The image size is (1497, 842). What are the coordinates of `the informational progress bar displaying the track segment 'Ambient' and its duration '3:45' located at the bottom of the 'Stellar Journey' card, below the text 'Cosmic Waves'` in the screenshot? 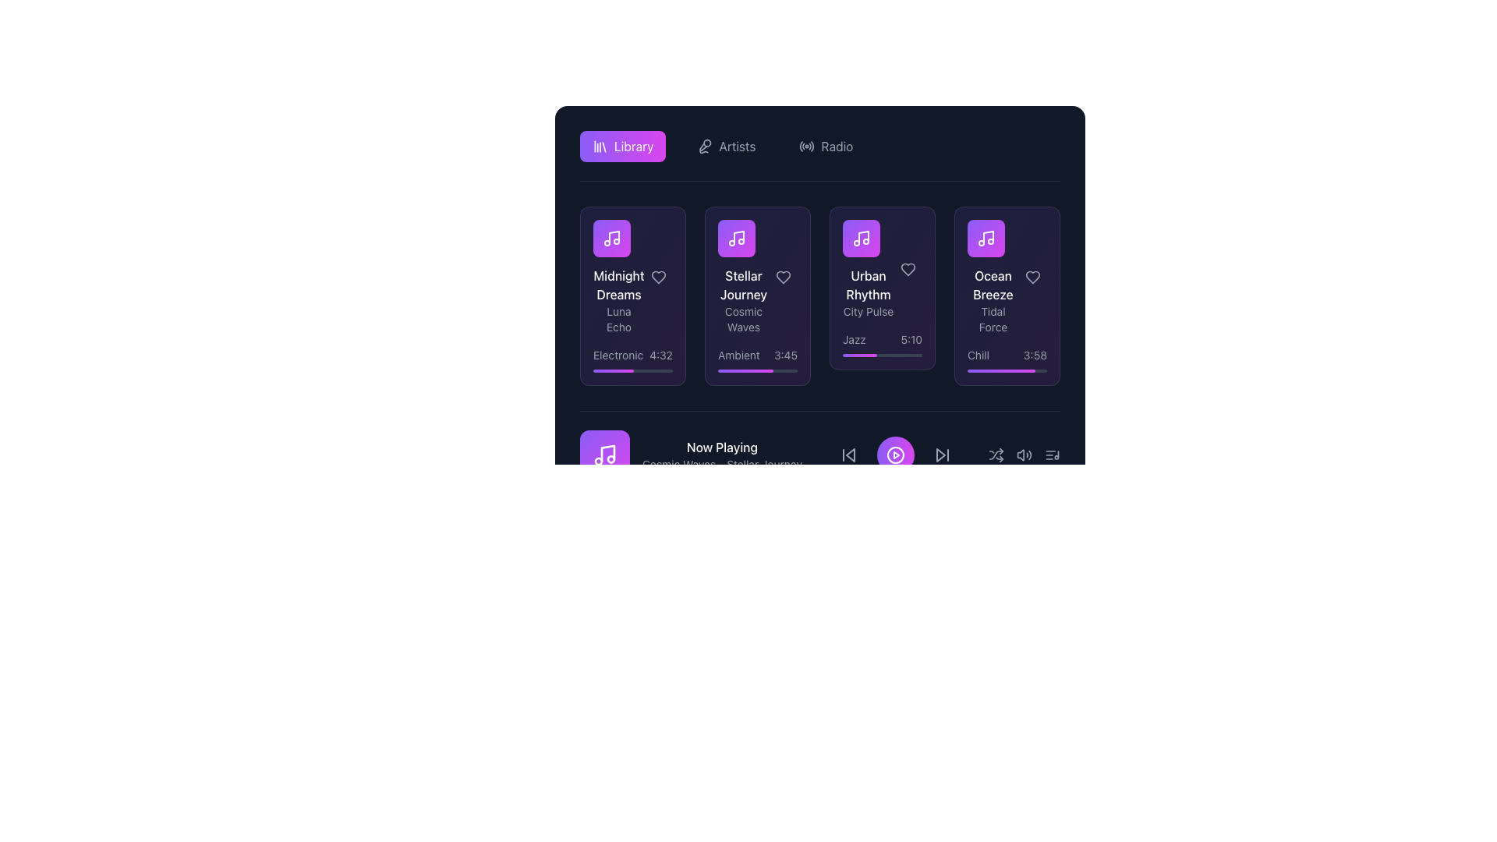 It's located at (757, 360).